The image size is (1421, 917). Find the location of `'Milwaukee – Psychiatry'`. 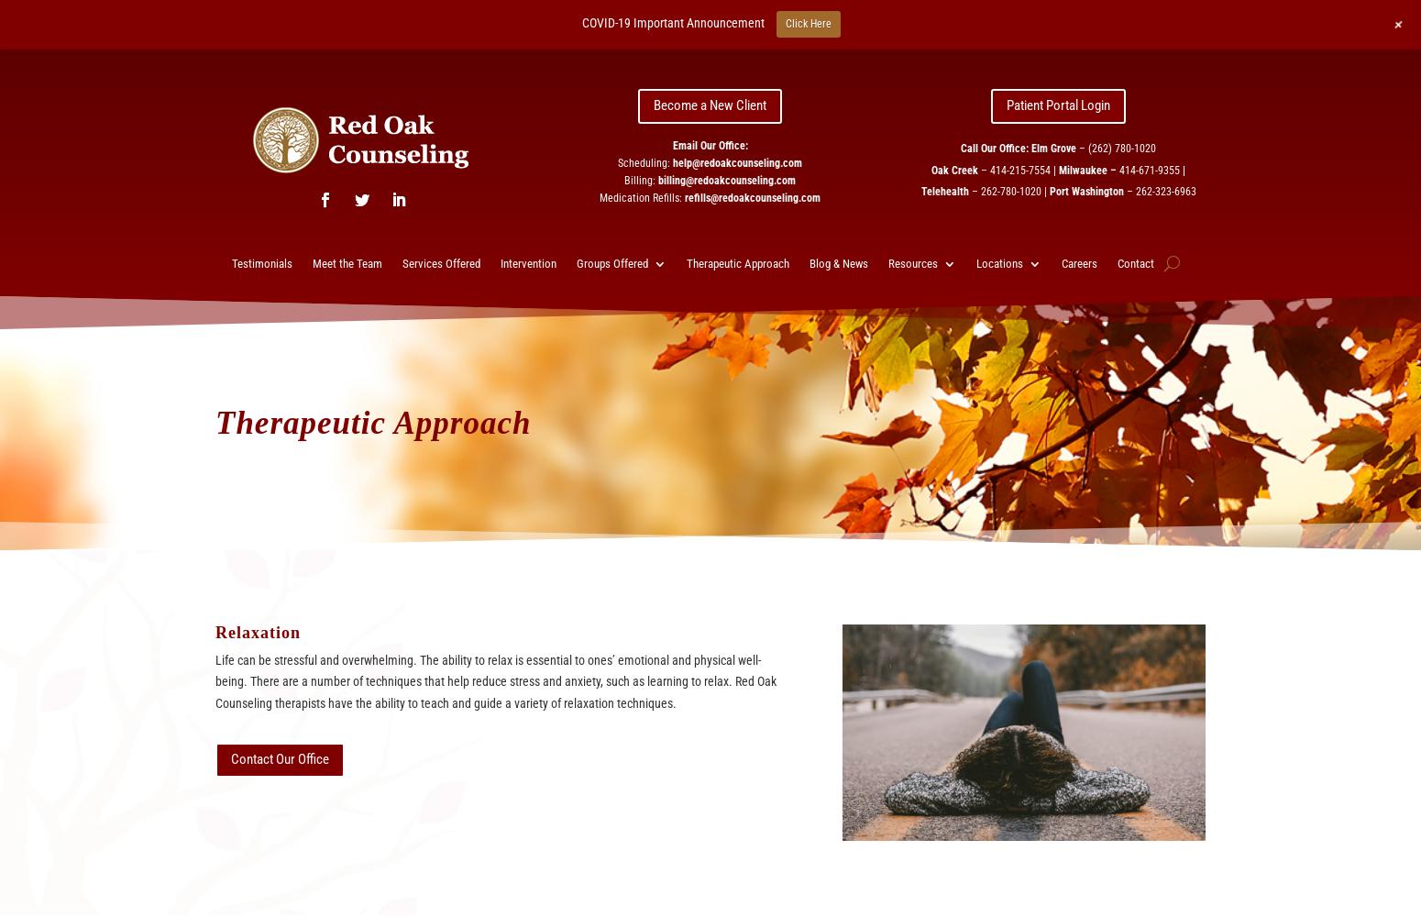

'Milwaukee – Psychiatry' is located at coordinates (1055, 351).